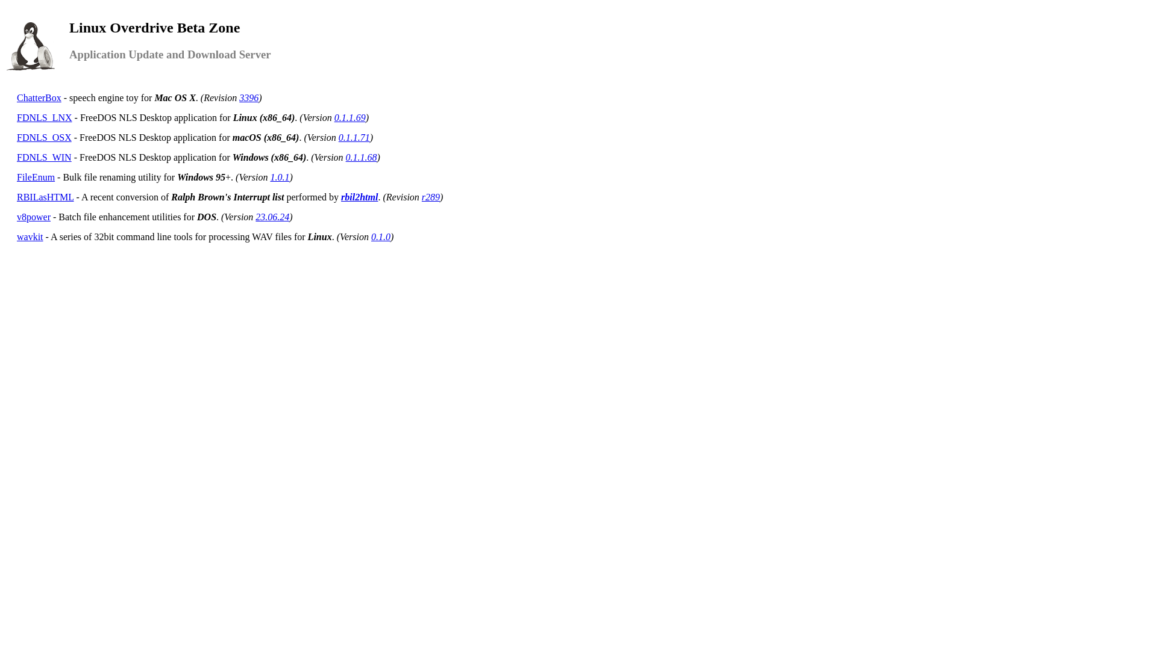 The image size is (1157, 650). Describe the element at coordinates (17, 217) in the screenshot. I see `'v8power'` at that location.